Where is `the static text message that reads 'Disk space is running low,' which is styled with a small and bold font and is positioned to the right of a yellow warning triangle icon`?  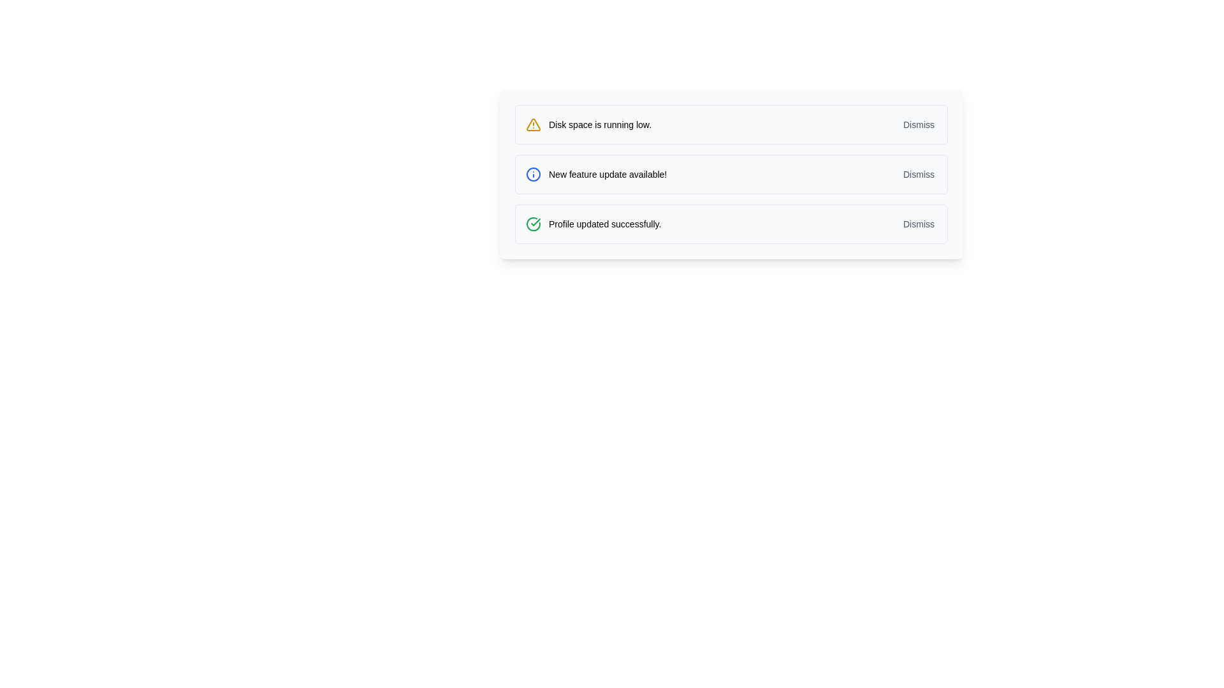
the static text message that reads 'Disk space is running low,' which is styled with a small and bold font and is positioned to the right of a yellow warning triangle icon is located at coordinates (599, 125).